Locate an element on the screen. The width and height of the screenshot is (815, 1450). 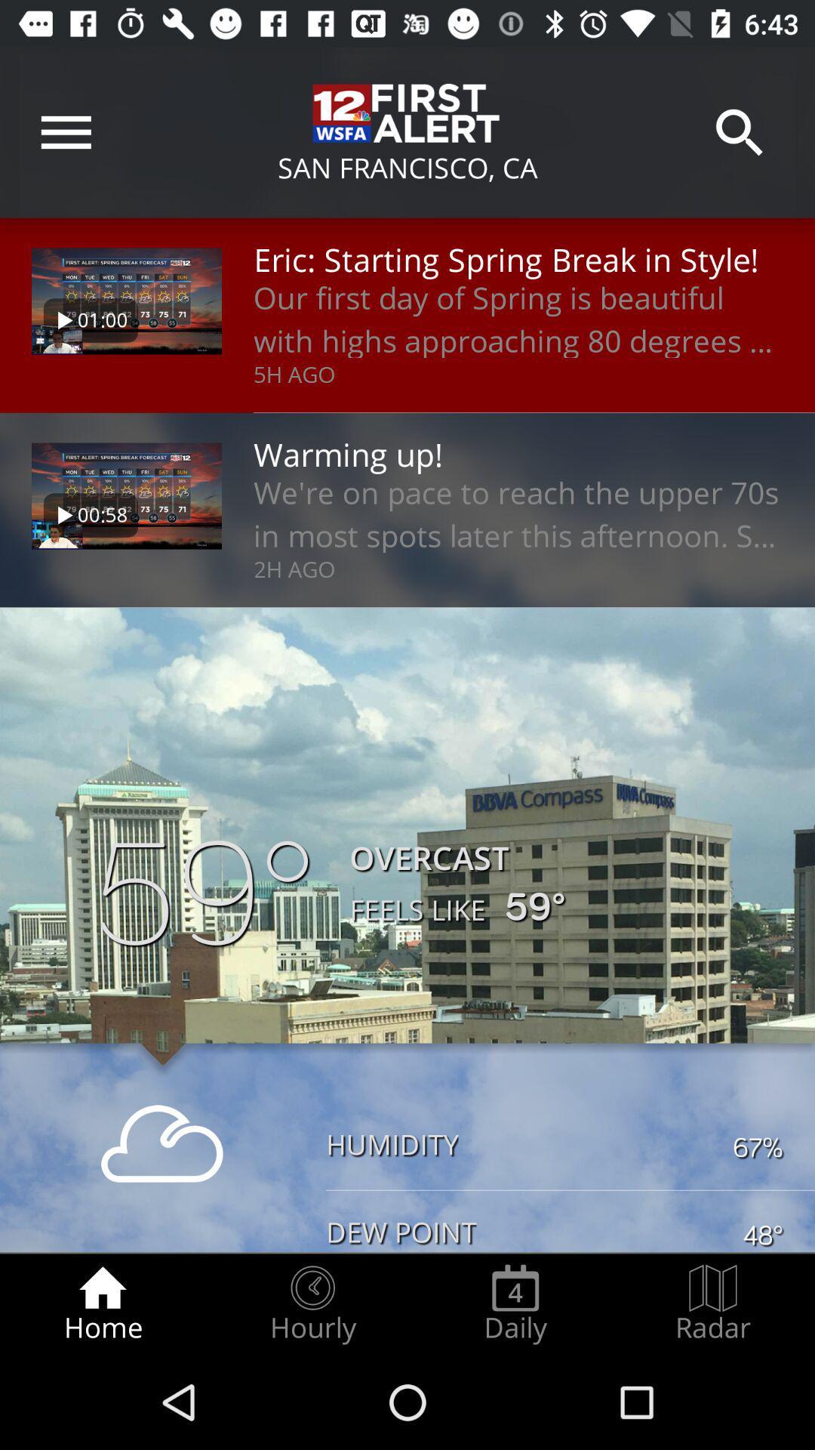
the daily is located at coordinates (515, 1303).